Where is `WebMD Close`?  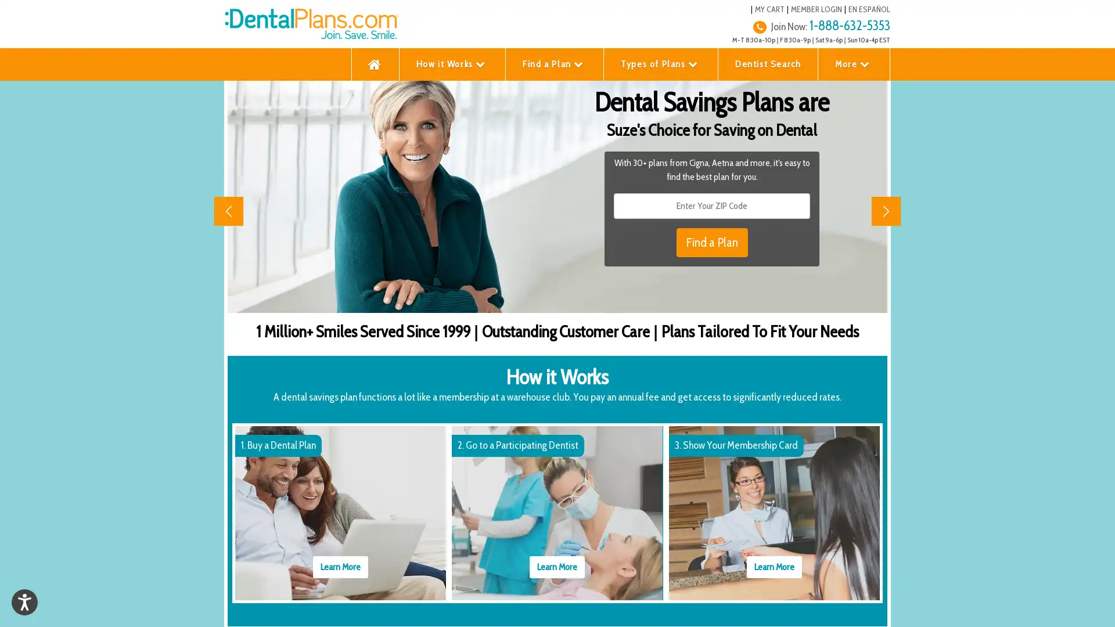 WebMD Close is located at coordinates (1098, 604).